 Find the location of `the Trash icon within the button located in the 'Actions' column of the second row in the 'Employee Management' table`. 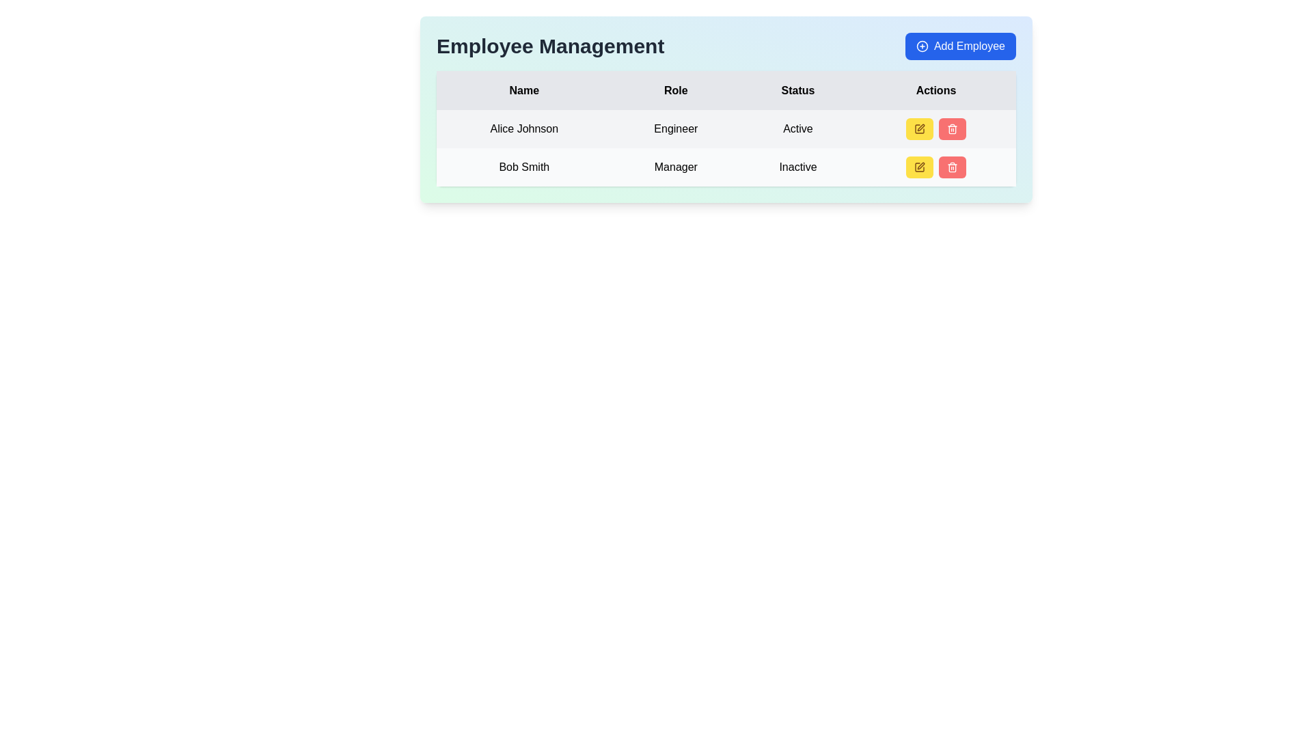

the Trash icon within the button located in the 'Actions' column of the second row in the 'Employee Management' table is located at coordinates (951, 167).